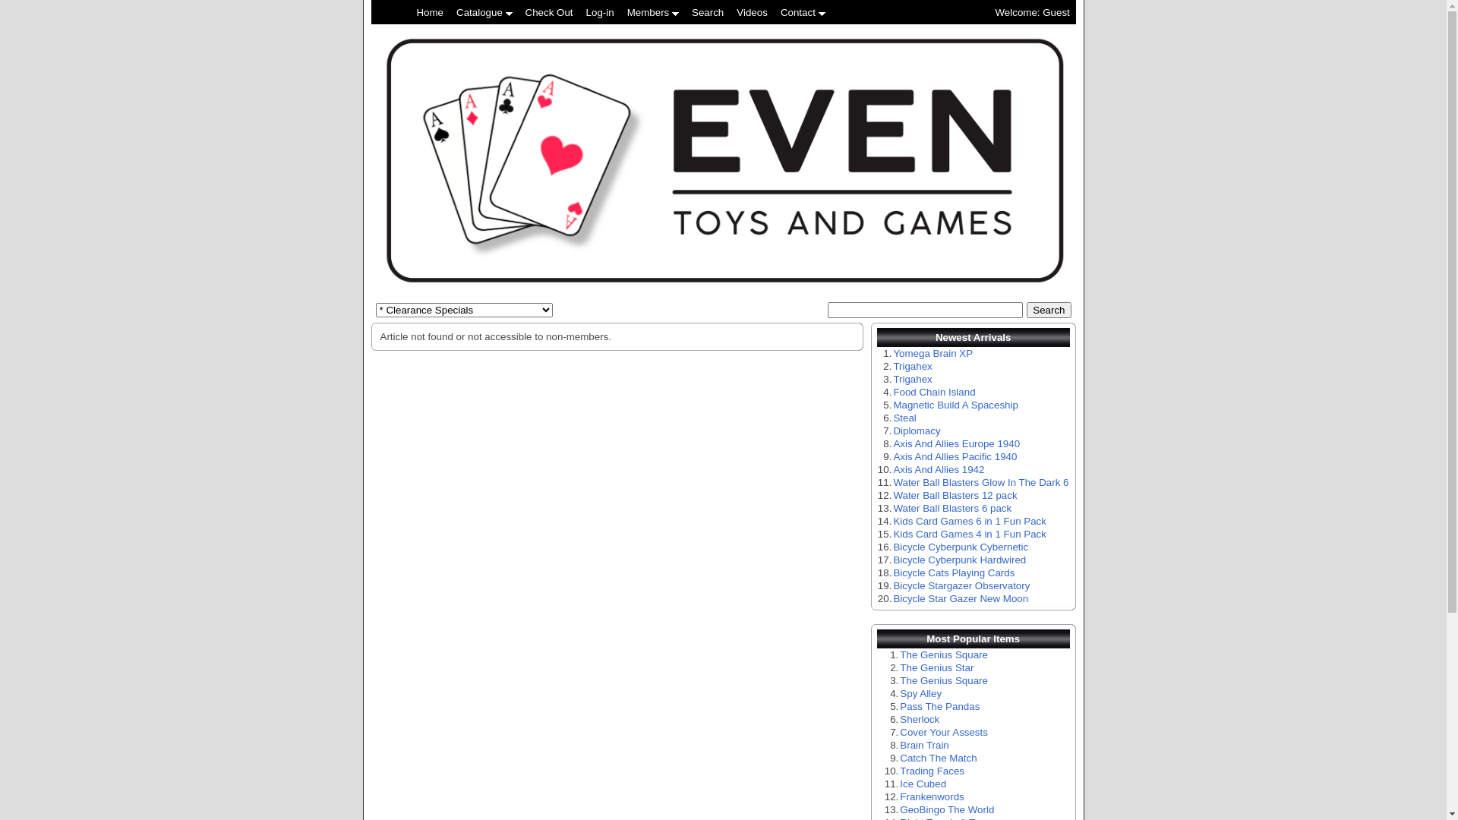 The image size is (1458, 820). Describe the element at coordinates (904, 418) in the screenshot. I see `'Steal'` at that location.